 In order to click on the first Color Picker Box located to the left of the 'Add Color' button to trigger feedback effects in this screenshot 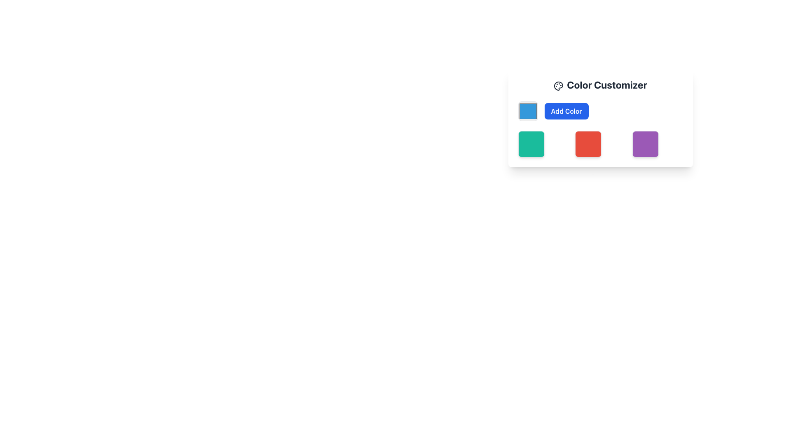, I will do `click(528, 111)`.